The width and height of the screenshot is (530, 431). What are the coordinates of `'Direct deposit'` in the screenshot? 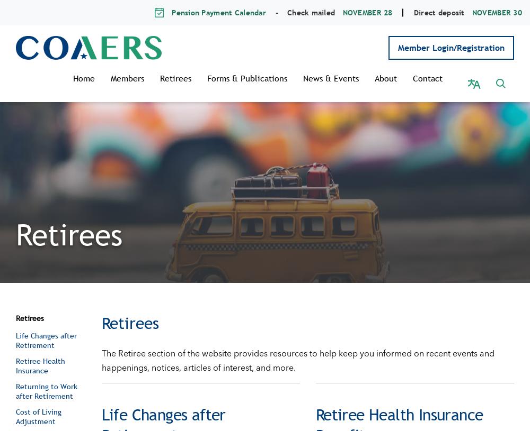 It's located at (439, 12).